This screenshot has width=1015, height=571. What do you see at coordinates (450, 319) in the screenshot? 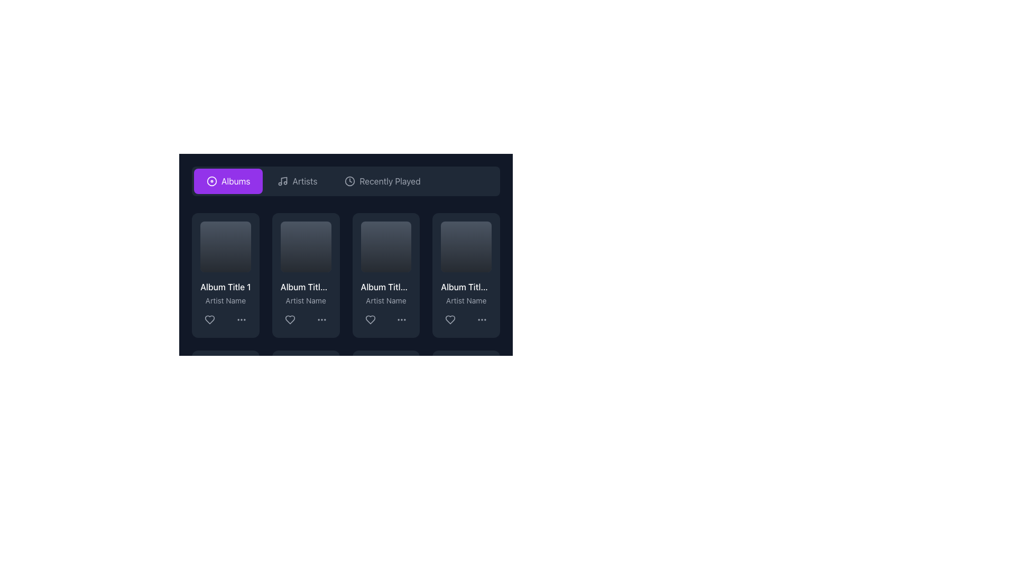
I see `the heart icon button that functions as a 'like' or 'favorite' button for the associated album titled 'Album Title 4' by 'Artist Name'` at bounding box center [450, 319].